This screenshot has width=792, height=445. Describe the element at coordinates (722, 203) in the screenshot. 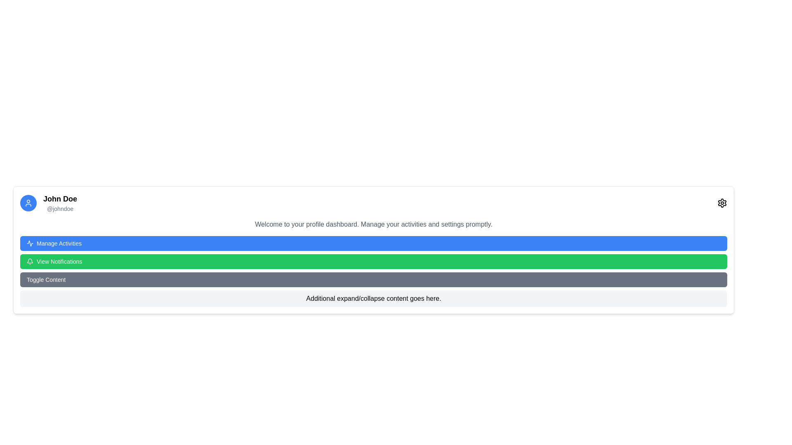

I see `the gear-shaped settings icon located in the upper right corner of the user information card` at that location.